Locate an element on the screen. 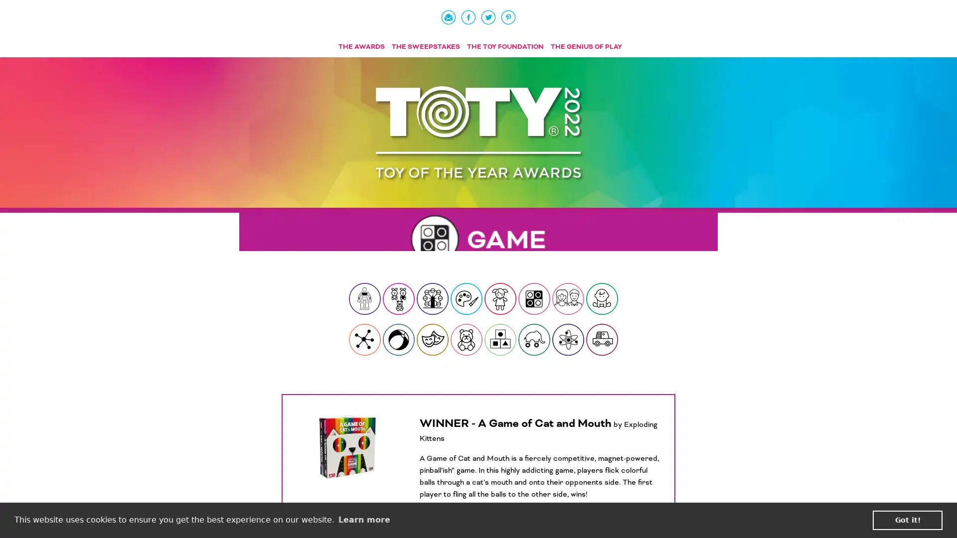 This screenshot has height=538, width=957. Submit is located at coordinates (568, 298).